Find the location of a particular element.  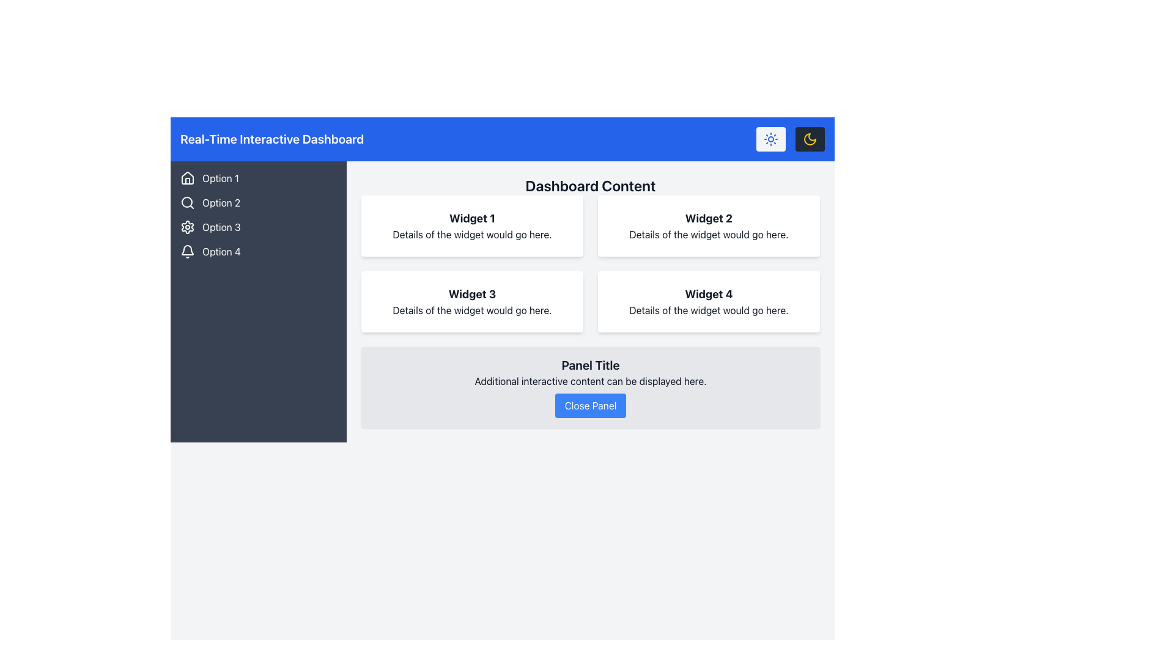

the door icon in the house illustration located in the left sidebar navigation menu, adjacent to 'Option 1'. This element is non-interactive and purely decorative is located at coordinates (187, 181).